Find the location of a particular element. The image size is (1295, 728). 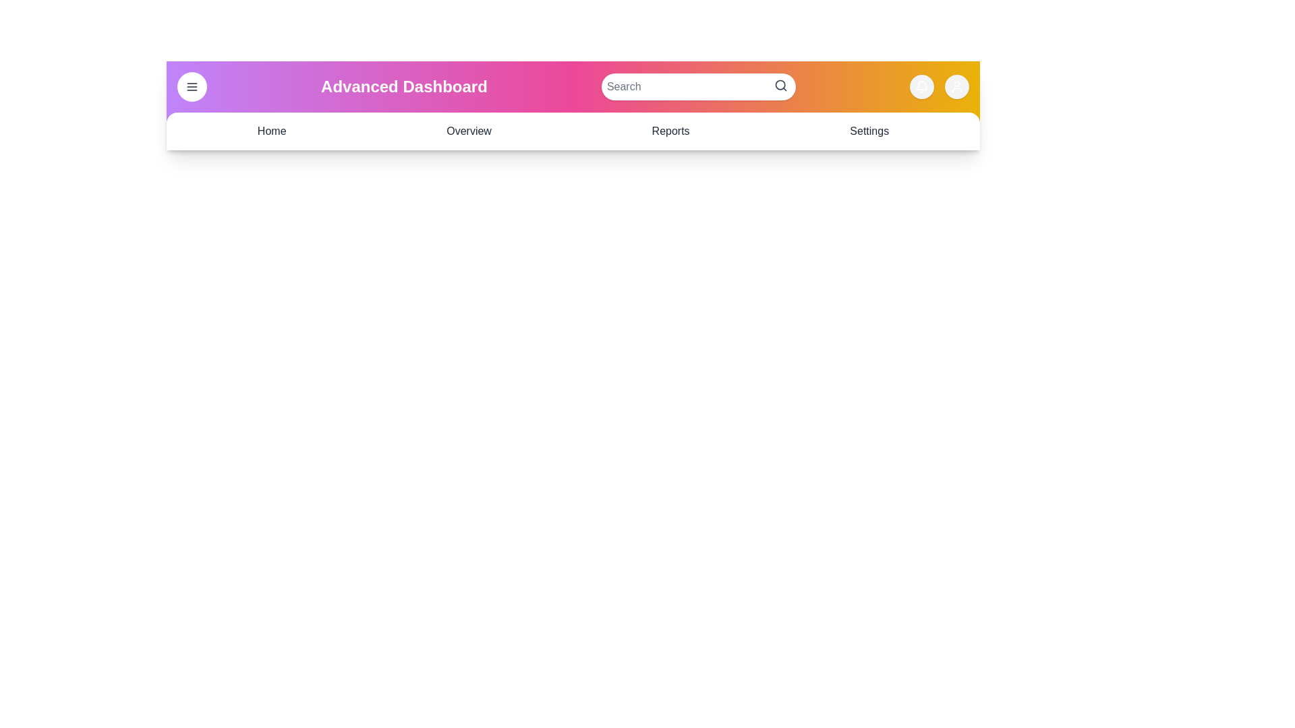

the navigation link Overview to see the hover effect is located at coordinates (469, 131).